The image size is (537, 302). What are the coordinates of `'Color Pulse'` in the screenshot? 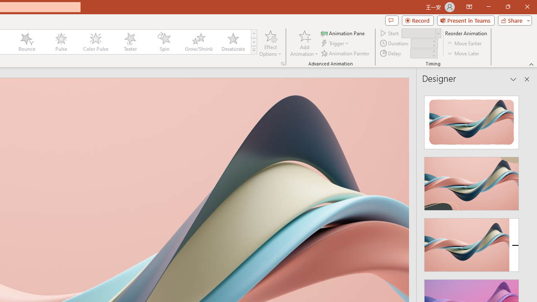 It's located at (95, 42).